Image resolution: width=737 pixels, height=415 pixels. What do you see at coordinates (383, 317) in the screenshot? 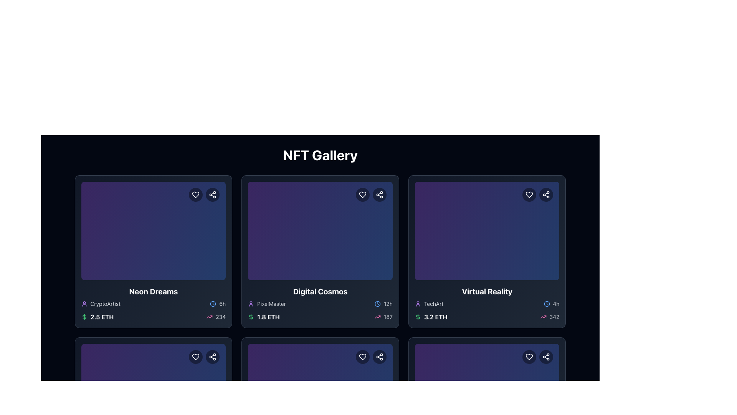
I see `the trending metric icon with text located at the bottom right of the 'Digital Cosmos' card in the second column of the first row of the grid, indicating popularity or activity` at bounding box center [383, 317].